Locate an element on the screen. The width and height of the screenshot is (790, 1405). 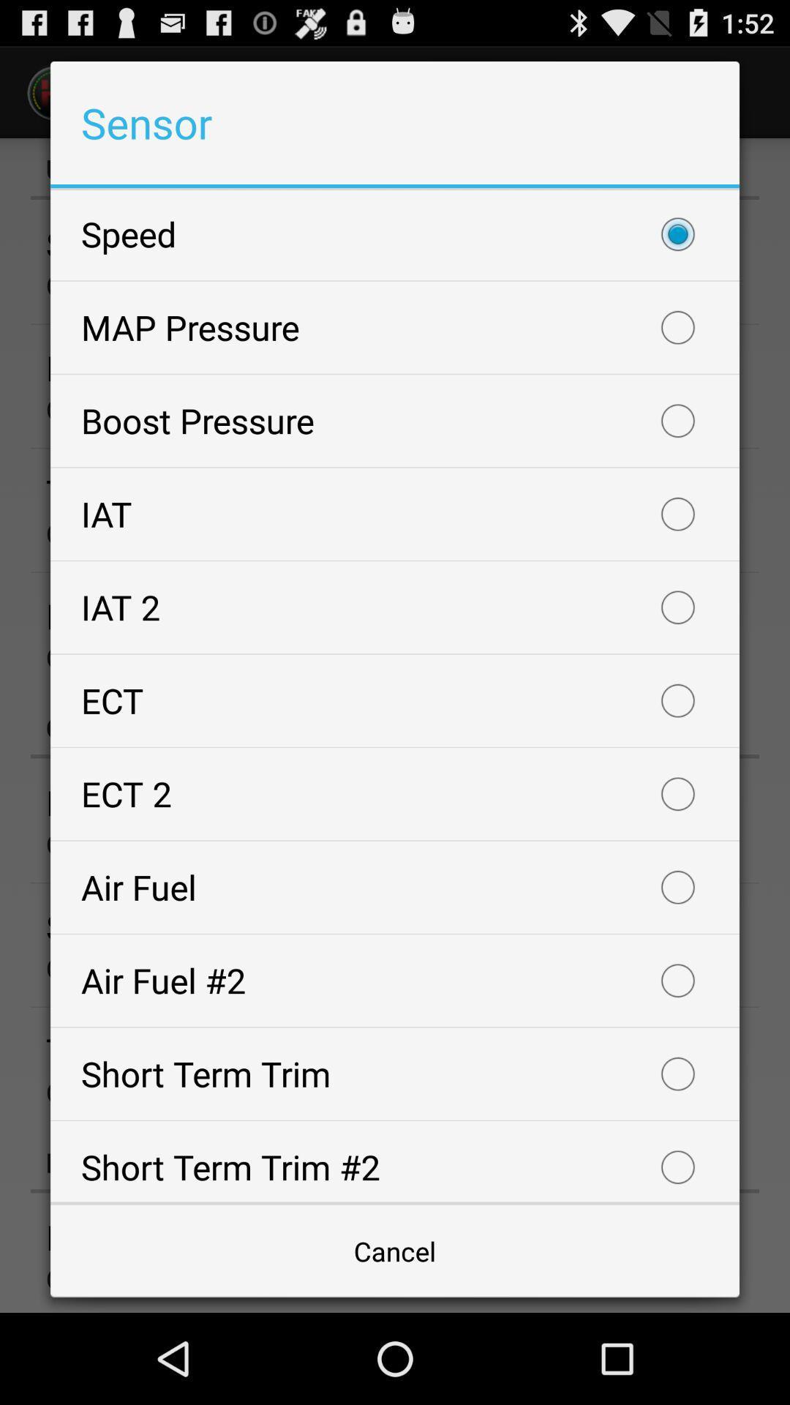
the item below the short term trim icon is located at coordinates (395, 1250).